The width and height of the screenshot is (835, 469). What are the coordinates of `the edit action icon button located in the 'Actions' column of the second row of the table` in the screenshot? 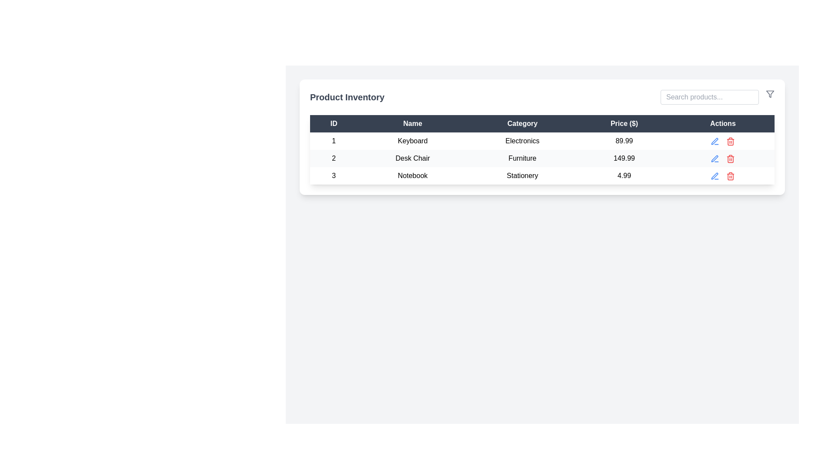 It's located at (715, 159).